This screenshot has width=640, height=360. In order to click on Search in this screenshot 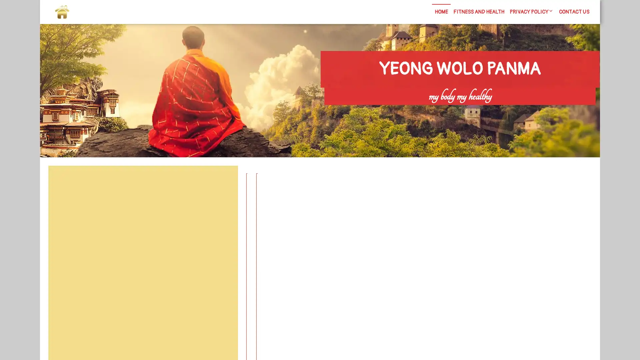, I will do `click(222, 182)`.